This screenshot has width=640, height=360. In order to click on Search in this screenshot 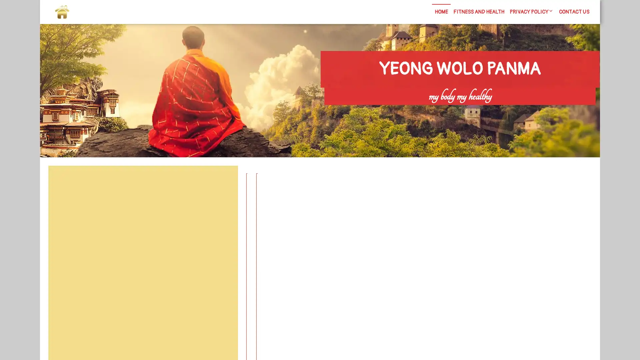, I will do `click(222, 182)`.